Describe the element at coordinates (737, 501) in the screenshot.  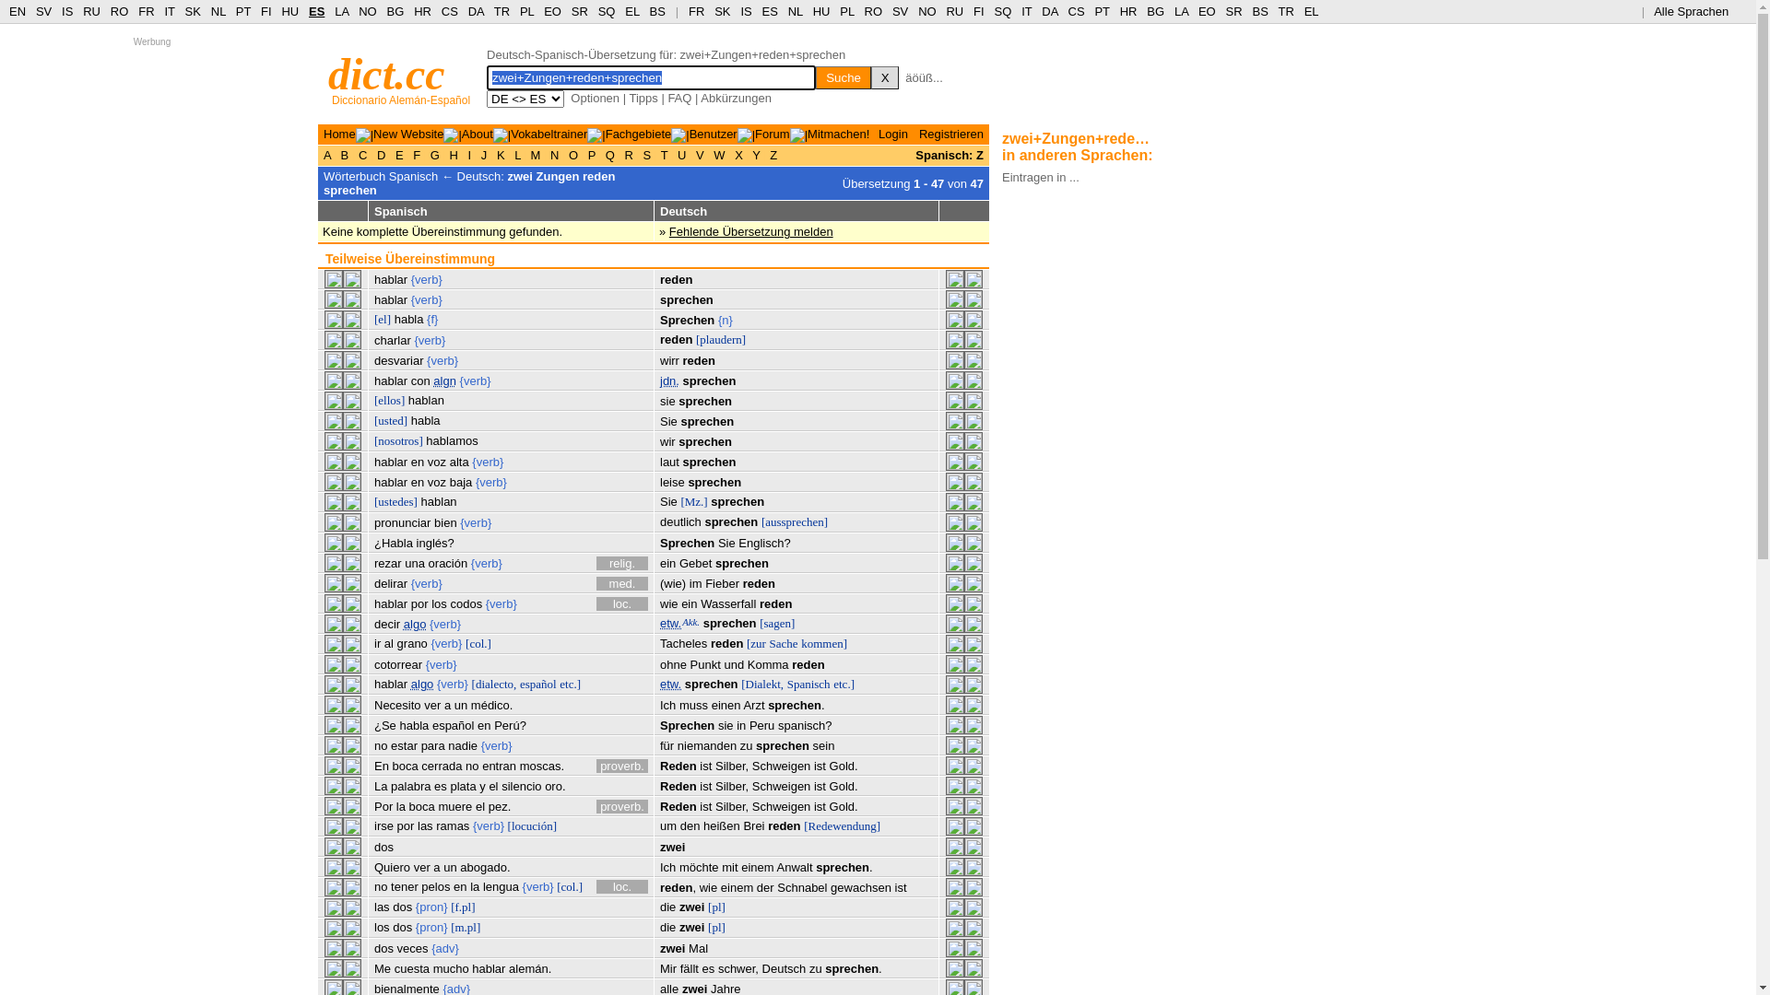
I see `'sprechen'` at that location.